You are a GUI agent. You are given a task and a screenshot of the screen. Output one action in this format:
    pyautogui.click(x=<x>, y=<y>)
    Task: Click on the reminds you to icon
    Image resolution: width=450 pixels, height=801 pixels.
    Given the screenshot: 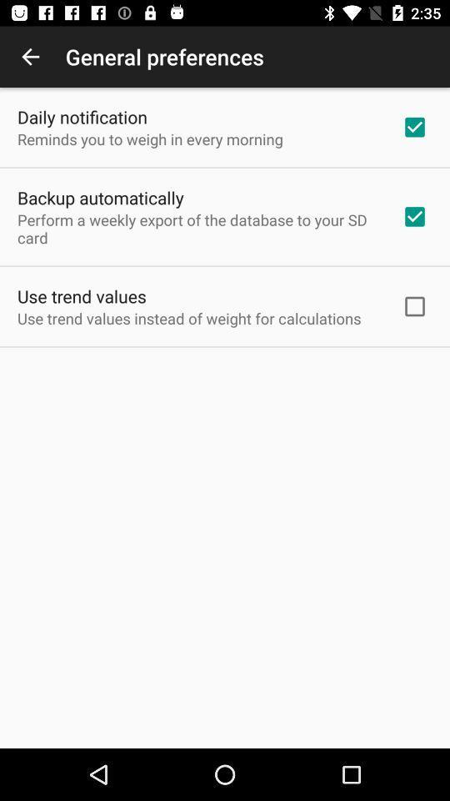 What is the action you would take?
    pyautogui.click(x=150, y=138)
    